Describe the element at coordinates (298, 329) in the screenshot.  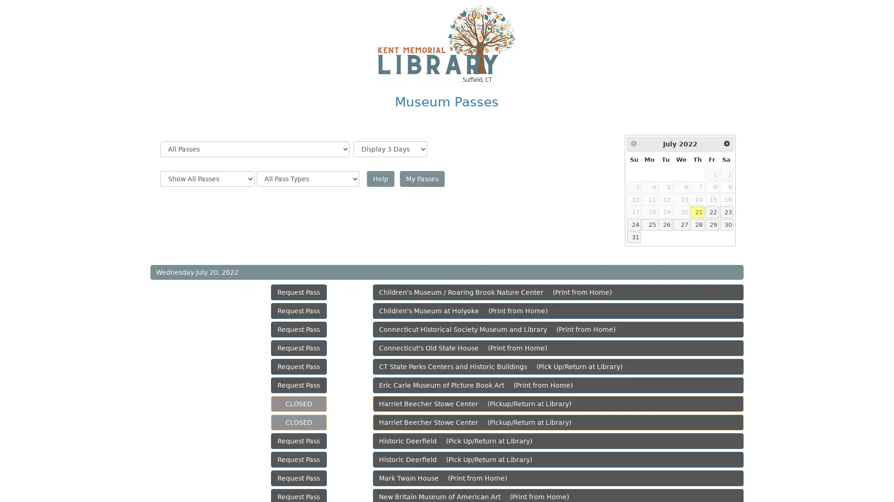
I see `Request Pass` at that location.